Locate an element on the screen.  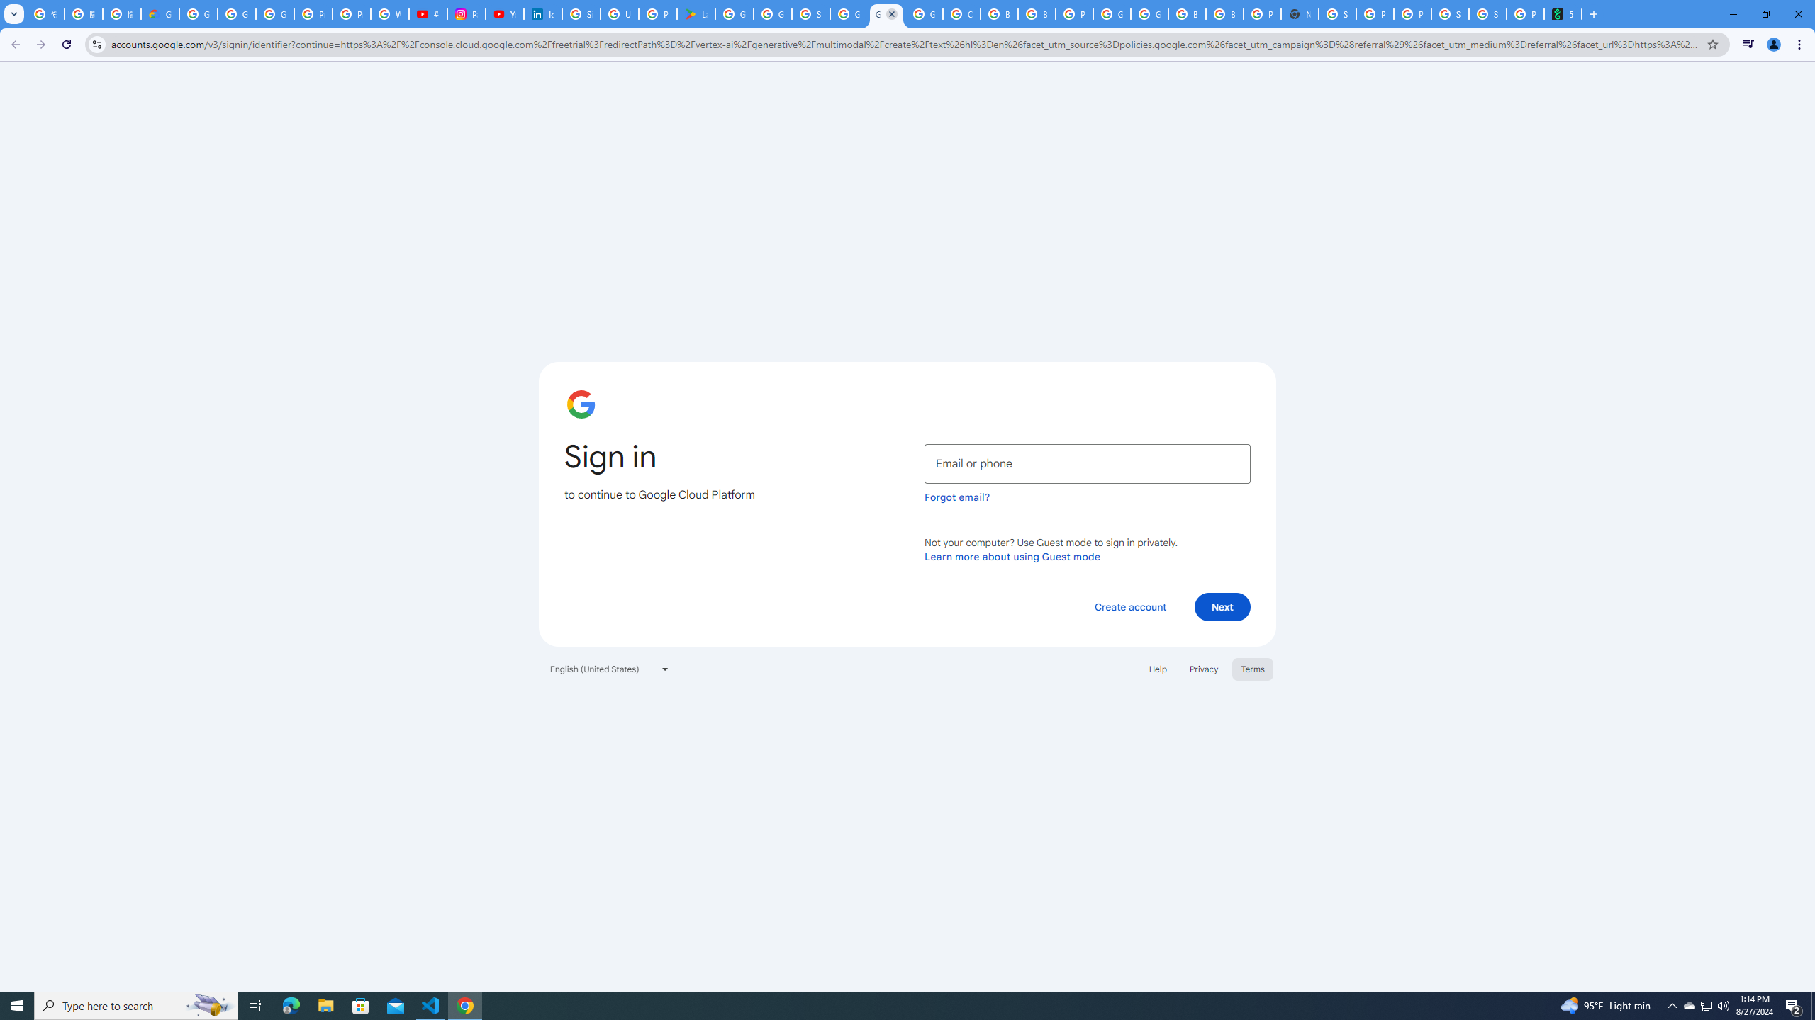
'Create account' is located at coordinates (1129, 606).